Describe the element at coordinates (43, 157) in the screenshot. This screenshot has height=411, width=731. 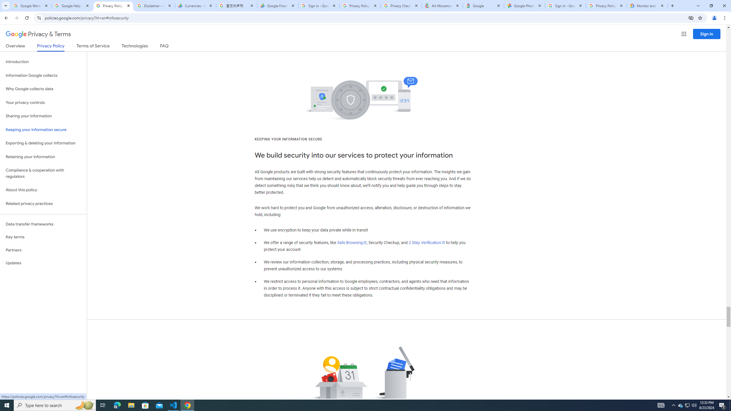
I see `'Retaining your information'` at that location.